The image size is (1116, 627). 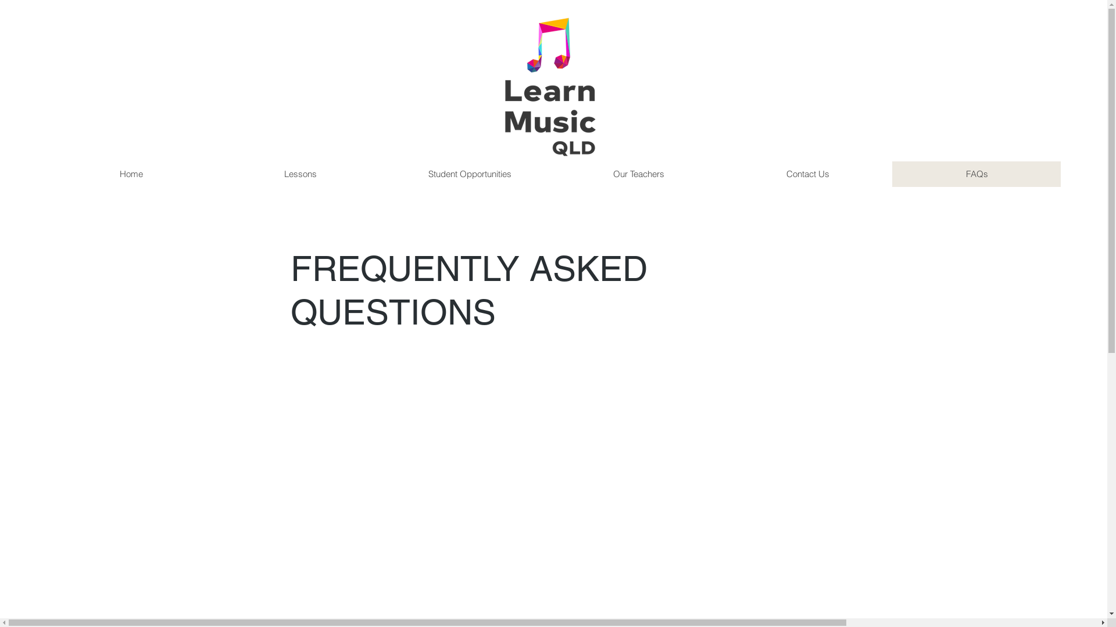 What do you see at coordinates (977, 174) in the screenshot?
I see `'FAQs'` at bounding box center [977, 174].